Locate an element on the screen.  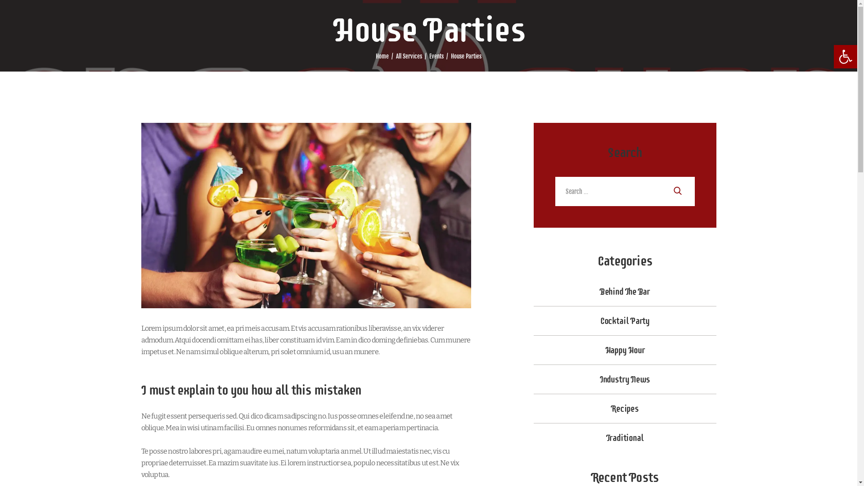
'Happy Hour' is located at coordinates (624, 350).